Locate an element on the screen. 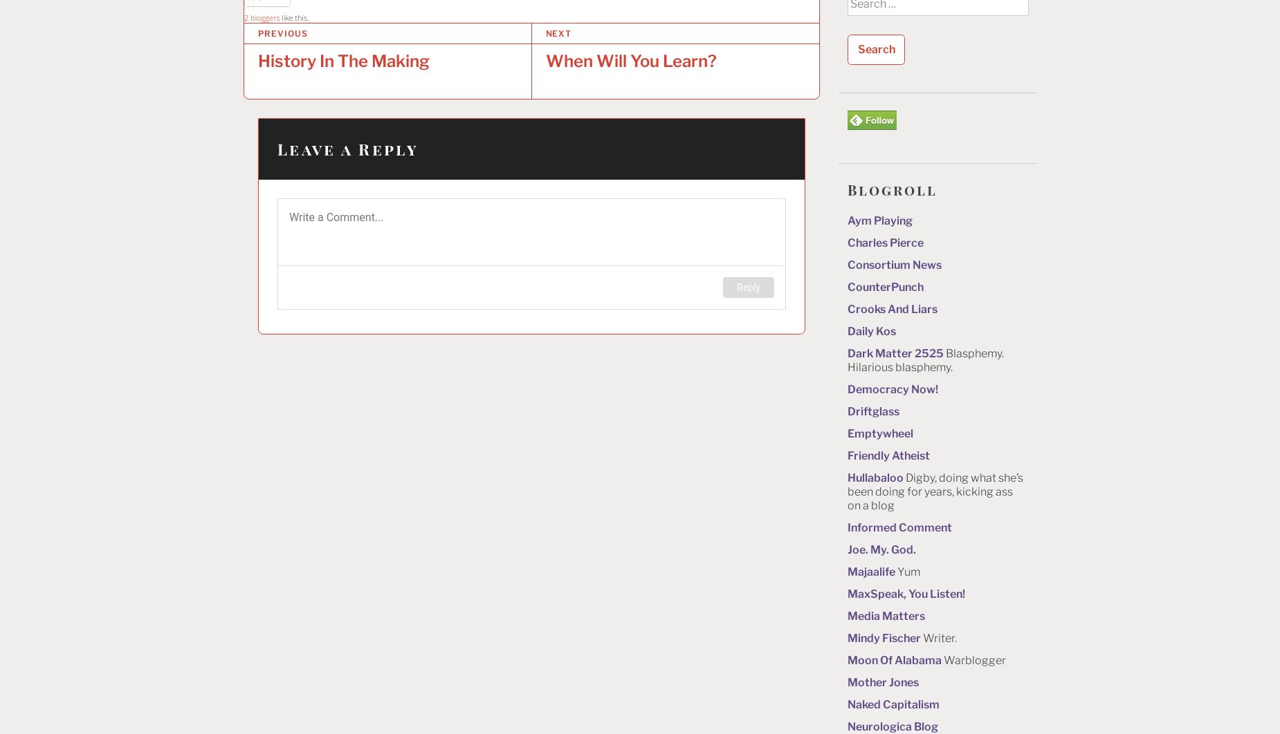 The height and width of the screenshot is (734, 1280). 'Search powered by Jetpack' is located at coordinates (648, 600).